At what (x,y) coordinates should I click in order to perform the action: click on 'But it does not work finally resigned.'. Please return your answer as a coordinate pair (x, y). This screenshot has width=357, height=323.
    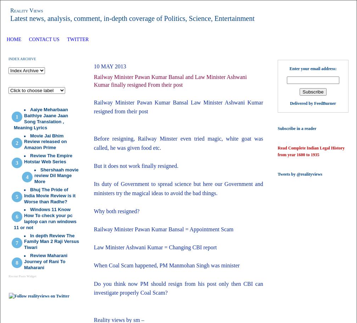
    Looking at the image, I should click on (136, 165).